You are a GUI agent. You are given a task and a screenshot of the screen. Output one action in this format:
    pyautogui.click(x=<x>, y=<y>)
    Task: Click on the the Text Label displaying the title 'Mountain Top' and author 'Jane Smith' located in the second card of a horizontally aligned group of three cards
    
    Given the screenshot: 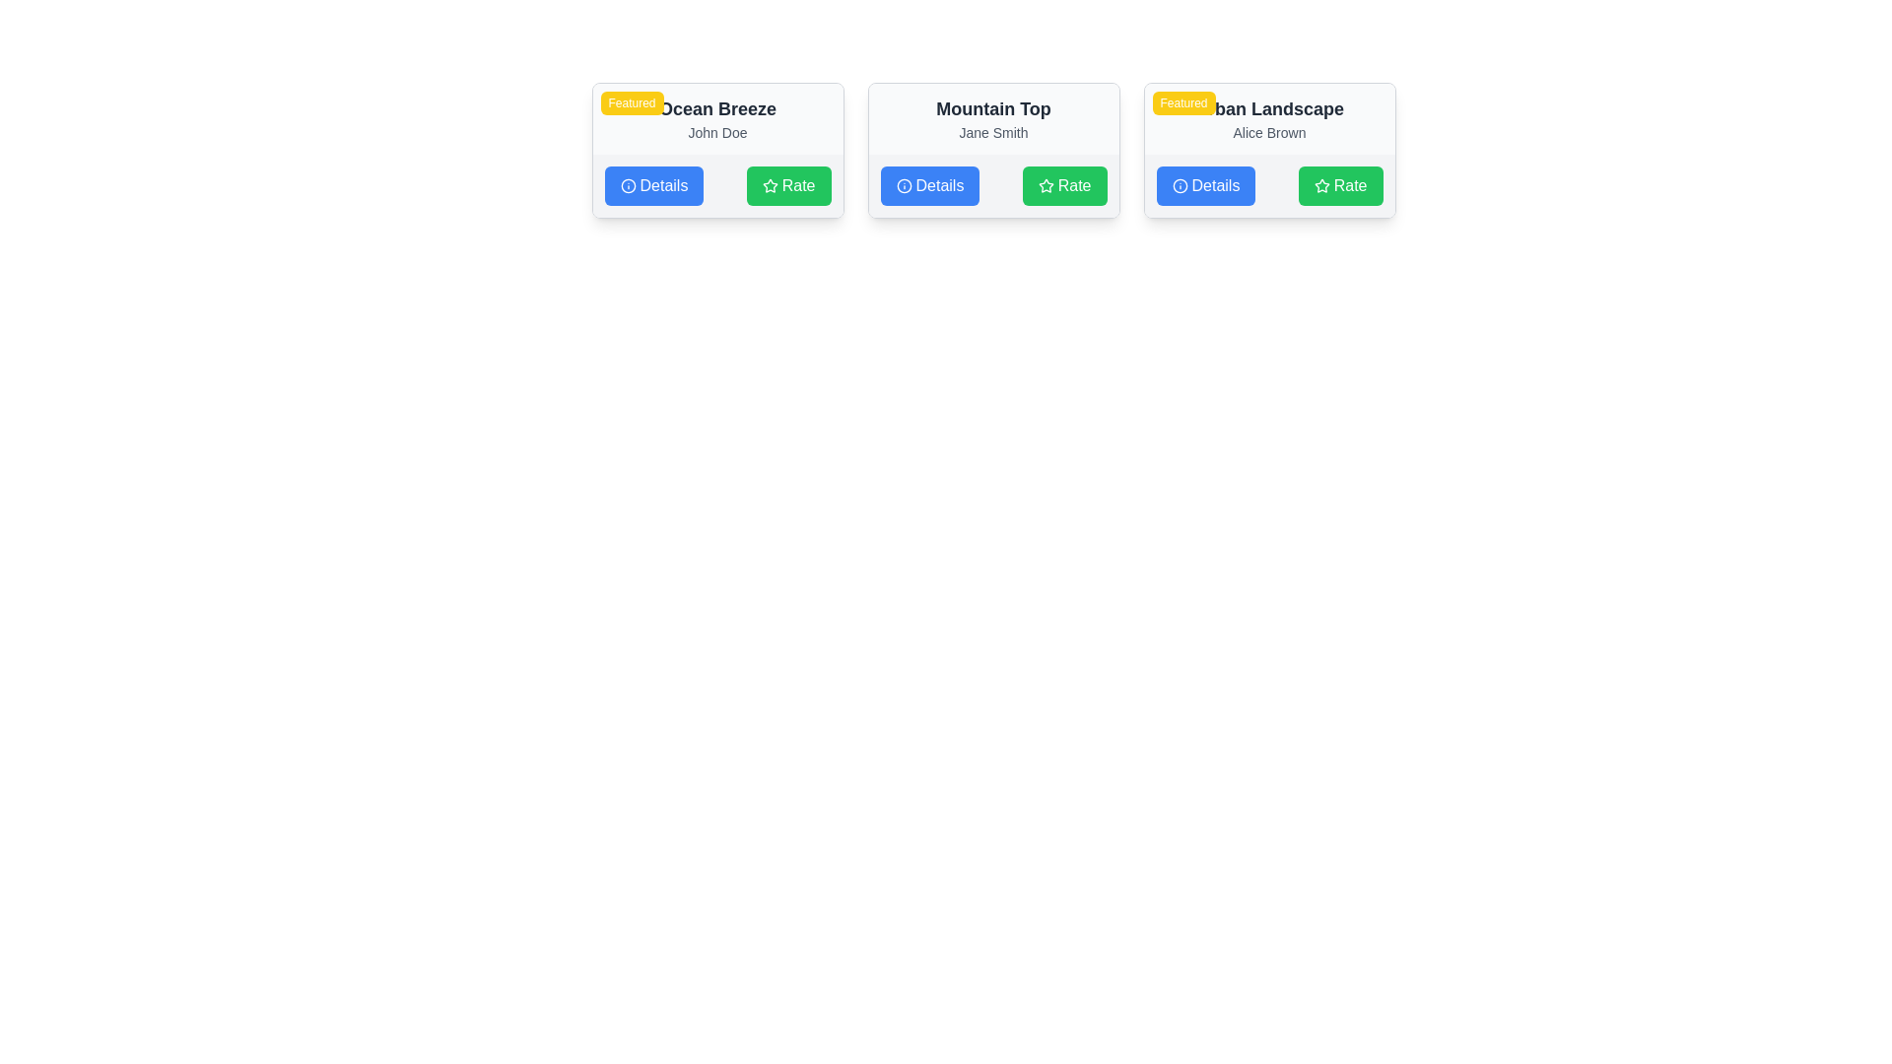 What is the action you would take?
    pyautogui.click(x=993, y=118)
    